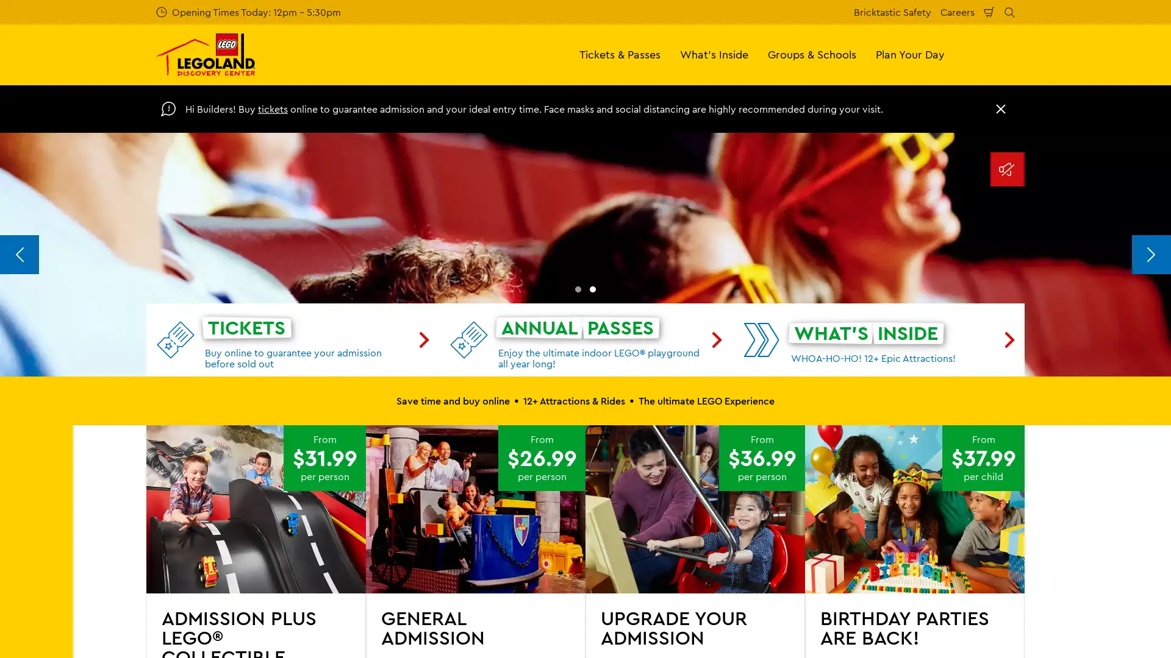 The image size is (1171, 658). Describe the element at coordinates (910, 54) in the screenshot. I see `Plan Your Day` at that location.